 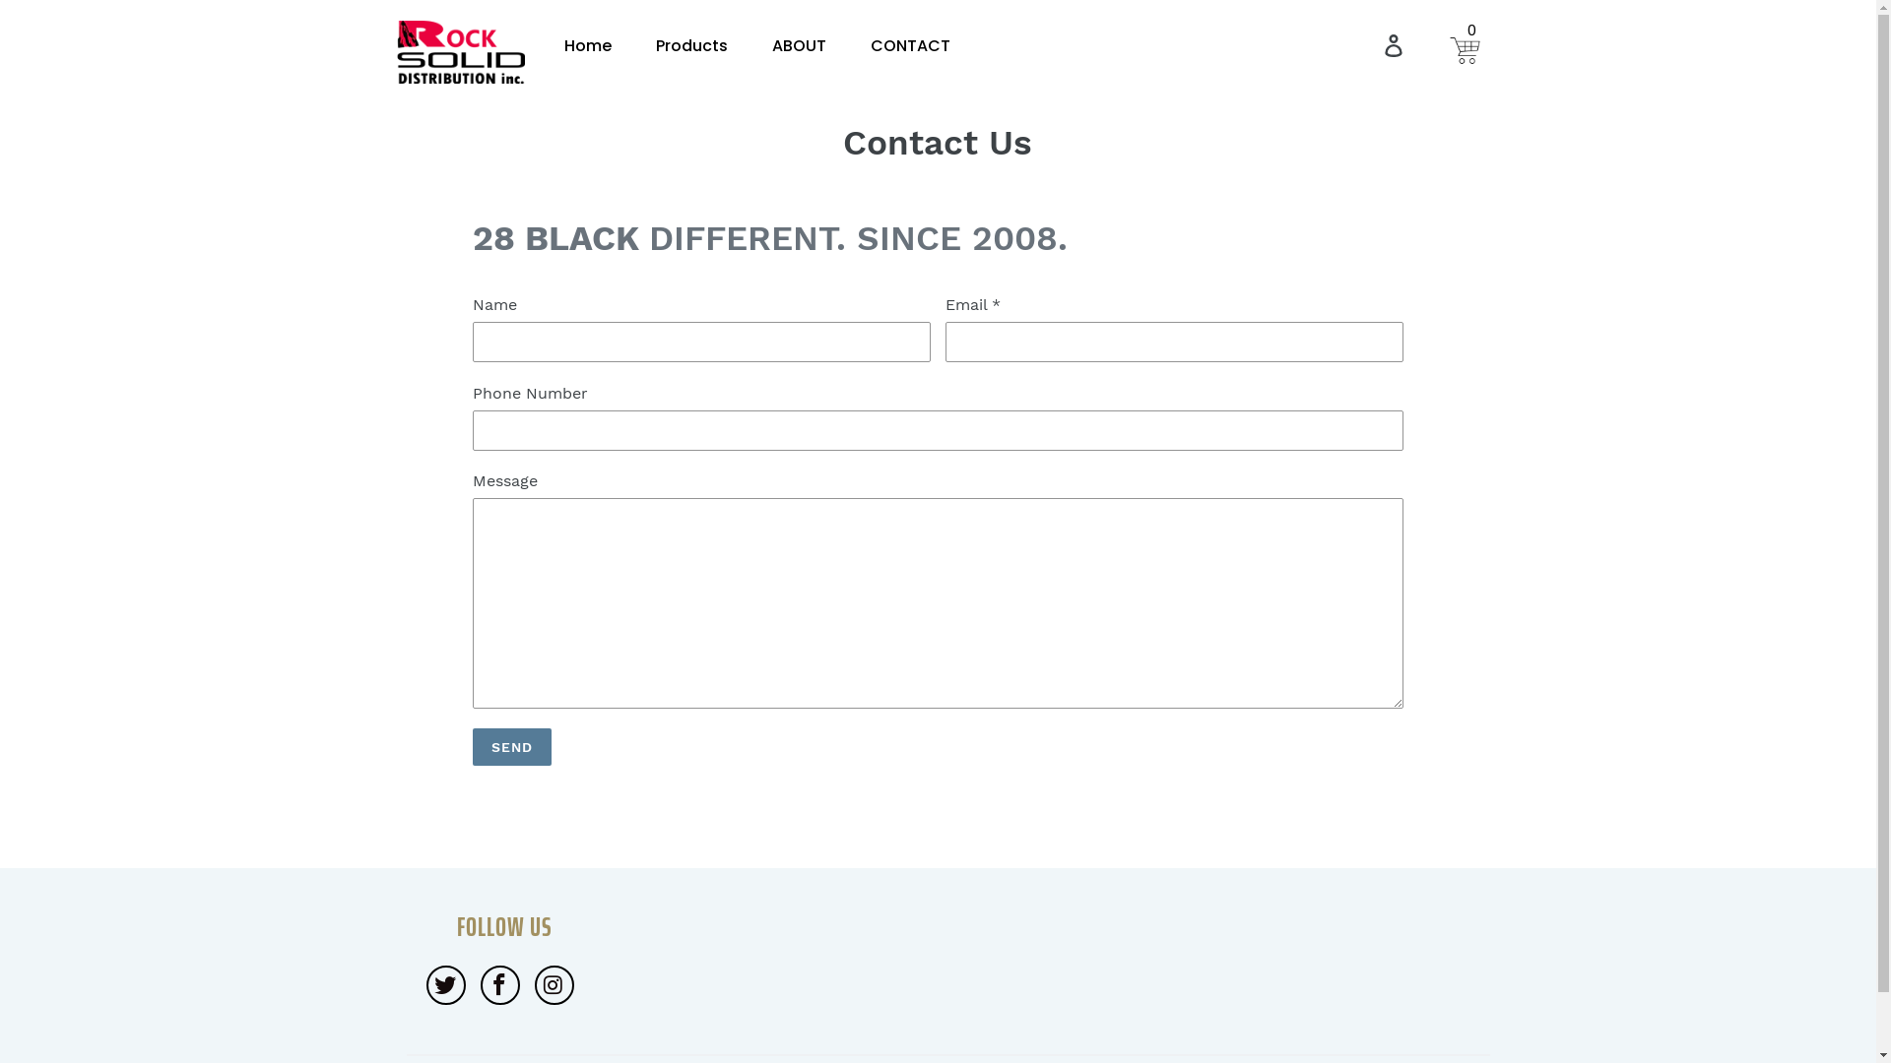 What do you see at coordinates (511, 747) in the screenshot?
I see `'Send'` at bounding box center [511, 747].